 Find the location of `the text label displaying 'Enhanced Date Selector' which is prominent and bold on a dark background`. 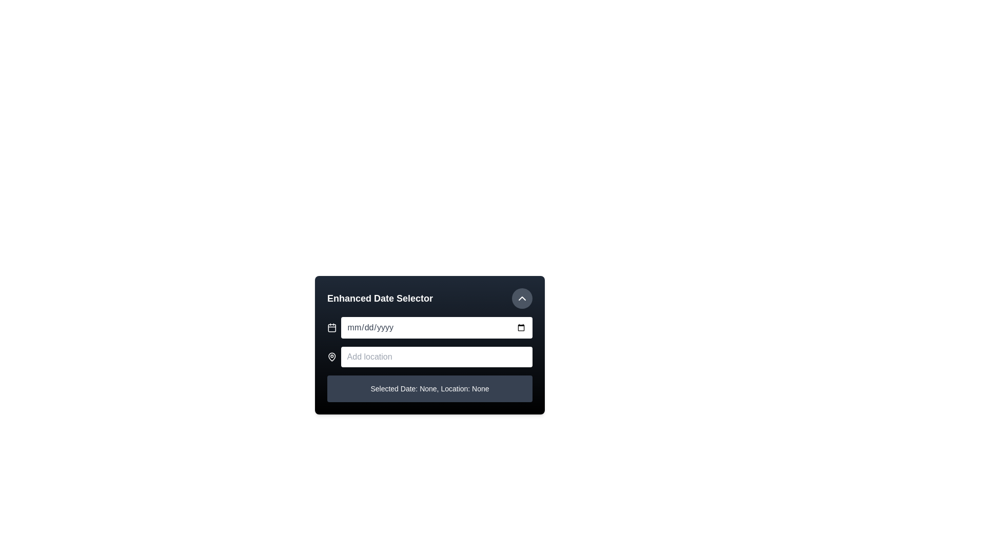

the text label displaying 'Enhanced Date Selector' which is prominent and bold on a dark background is located at coordinates (380, 299).